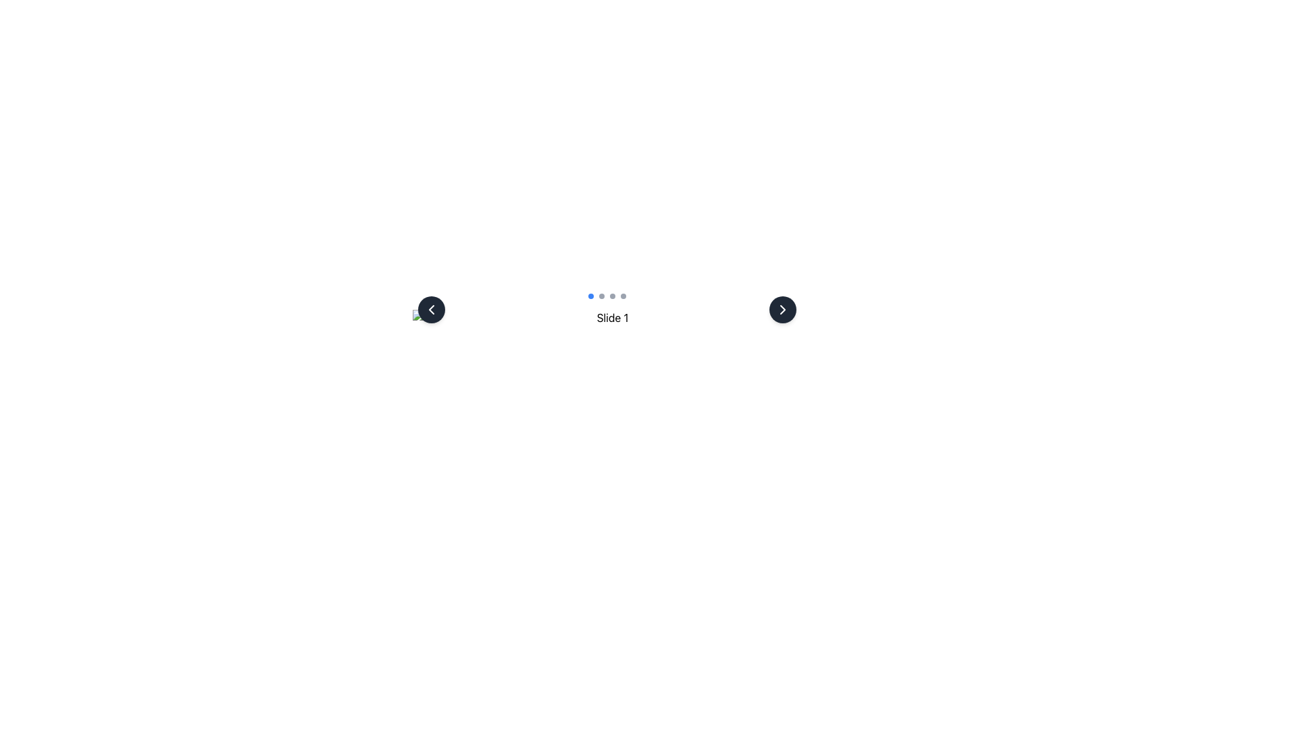  What do you see at coordinates (430, 310) in the screenshot?
I see `the 'Previous' button located on the left side of the navigation buttons in the carousel to trigger hover effects` at bounding box center [430, 310].